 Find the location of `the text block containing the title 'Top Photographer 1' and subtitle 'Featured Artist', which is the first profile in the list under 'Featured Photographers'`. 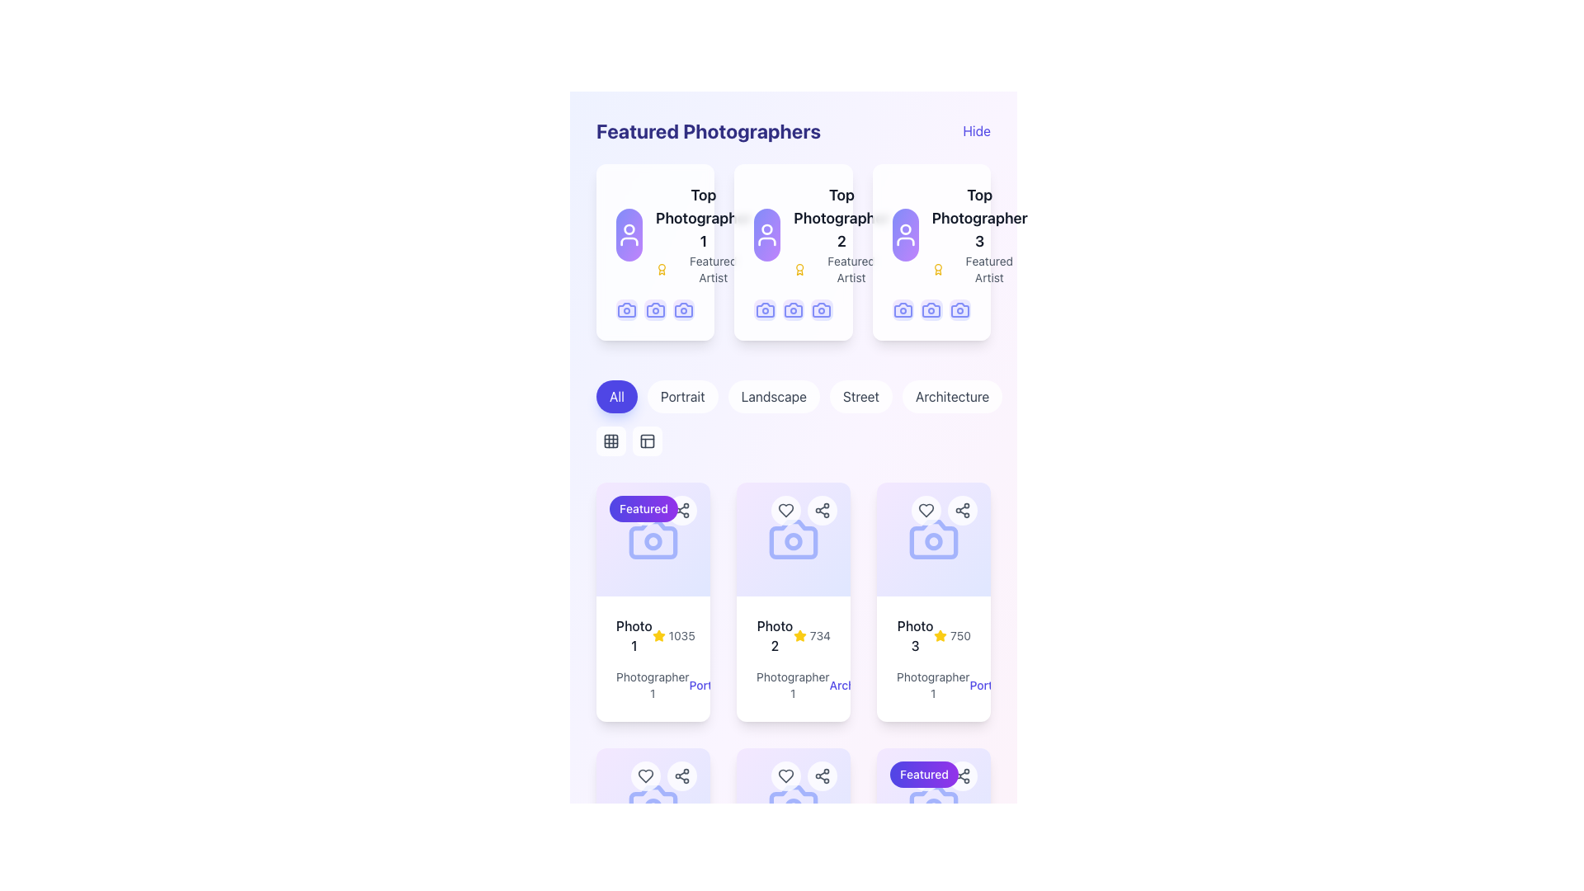

the text block containing the title 'Top Photographer 1' and subtitle 'Featured Artist', which is the first profile in the list under 'Featured Photographers' is located at coordinates (704, 235).